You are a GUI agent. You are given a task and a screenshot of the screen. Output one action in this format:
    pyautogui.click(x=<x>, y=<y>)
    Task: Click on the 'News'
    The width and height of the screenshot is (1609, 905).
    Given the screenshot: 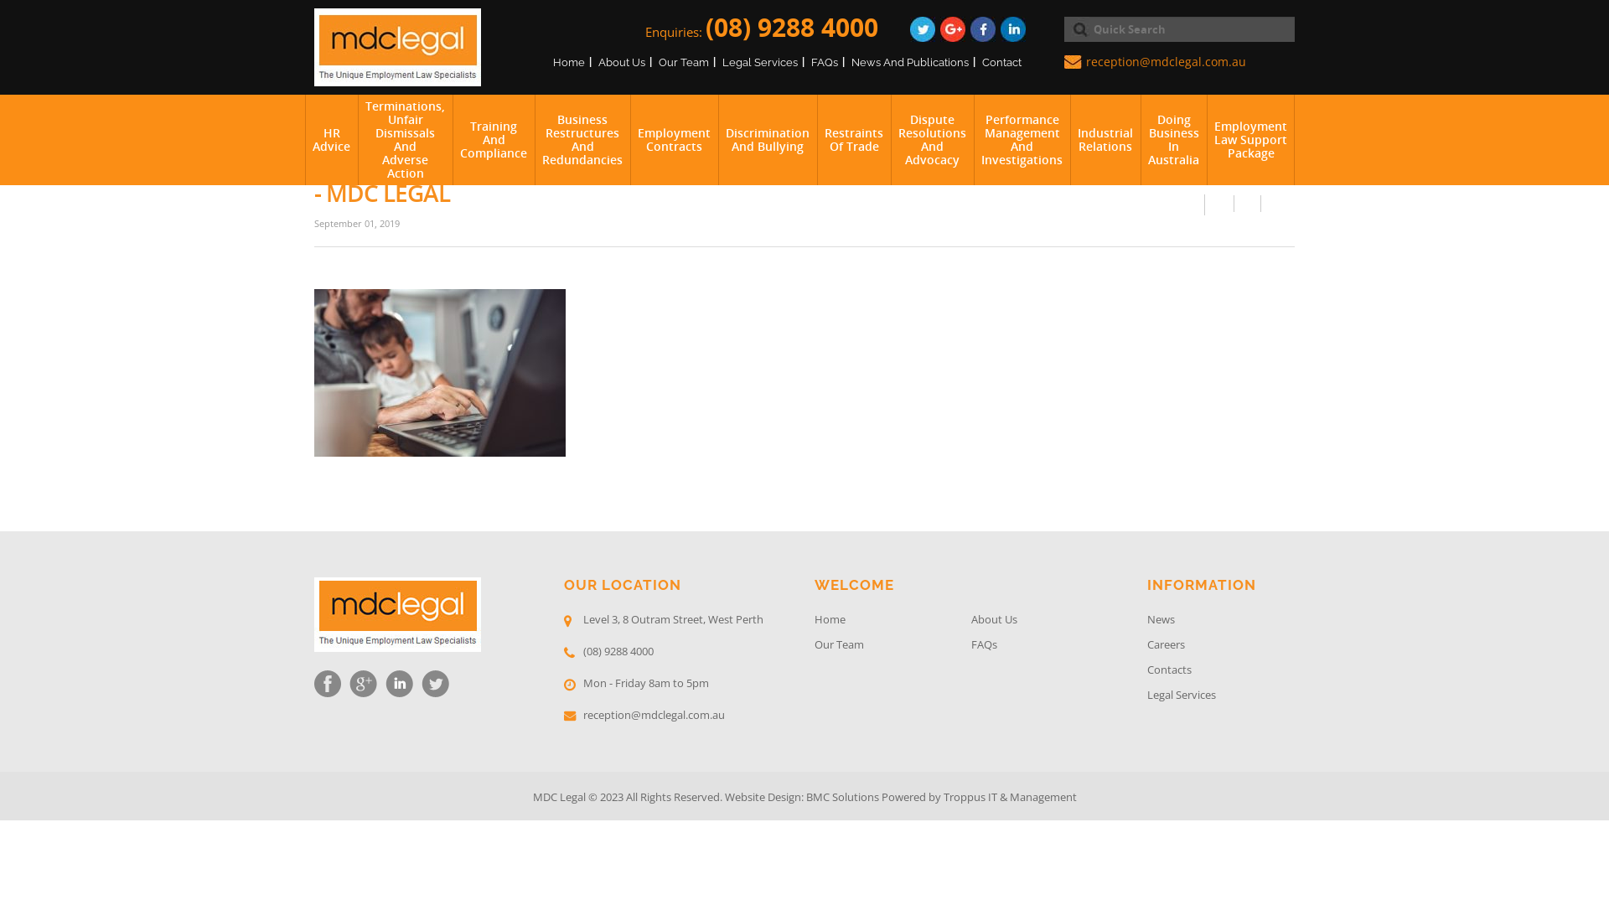 What is the action you would take?
    pyautogui.click(x=1146, y=621)
    